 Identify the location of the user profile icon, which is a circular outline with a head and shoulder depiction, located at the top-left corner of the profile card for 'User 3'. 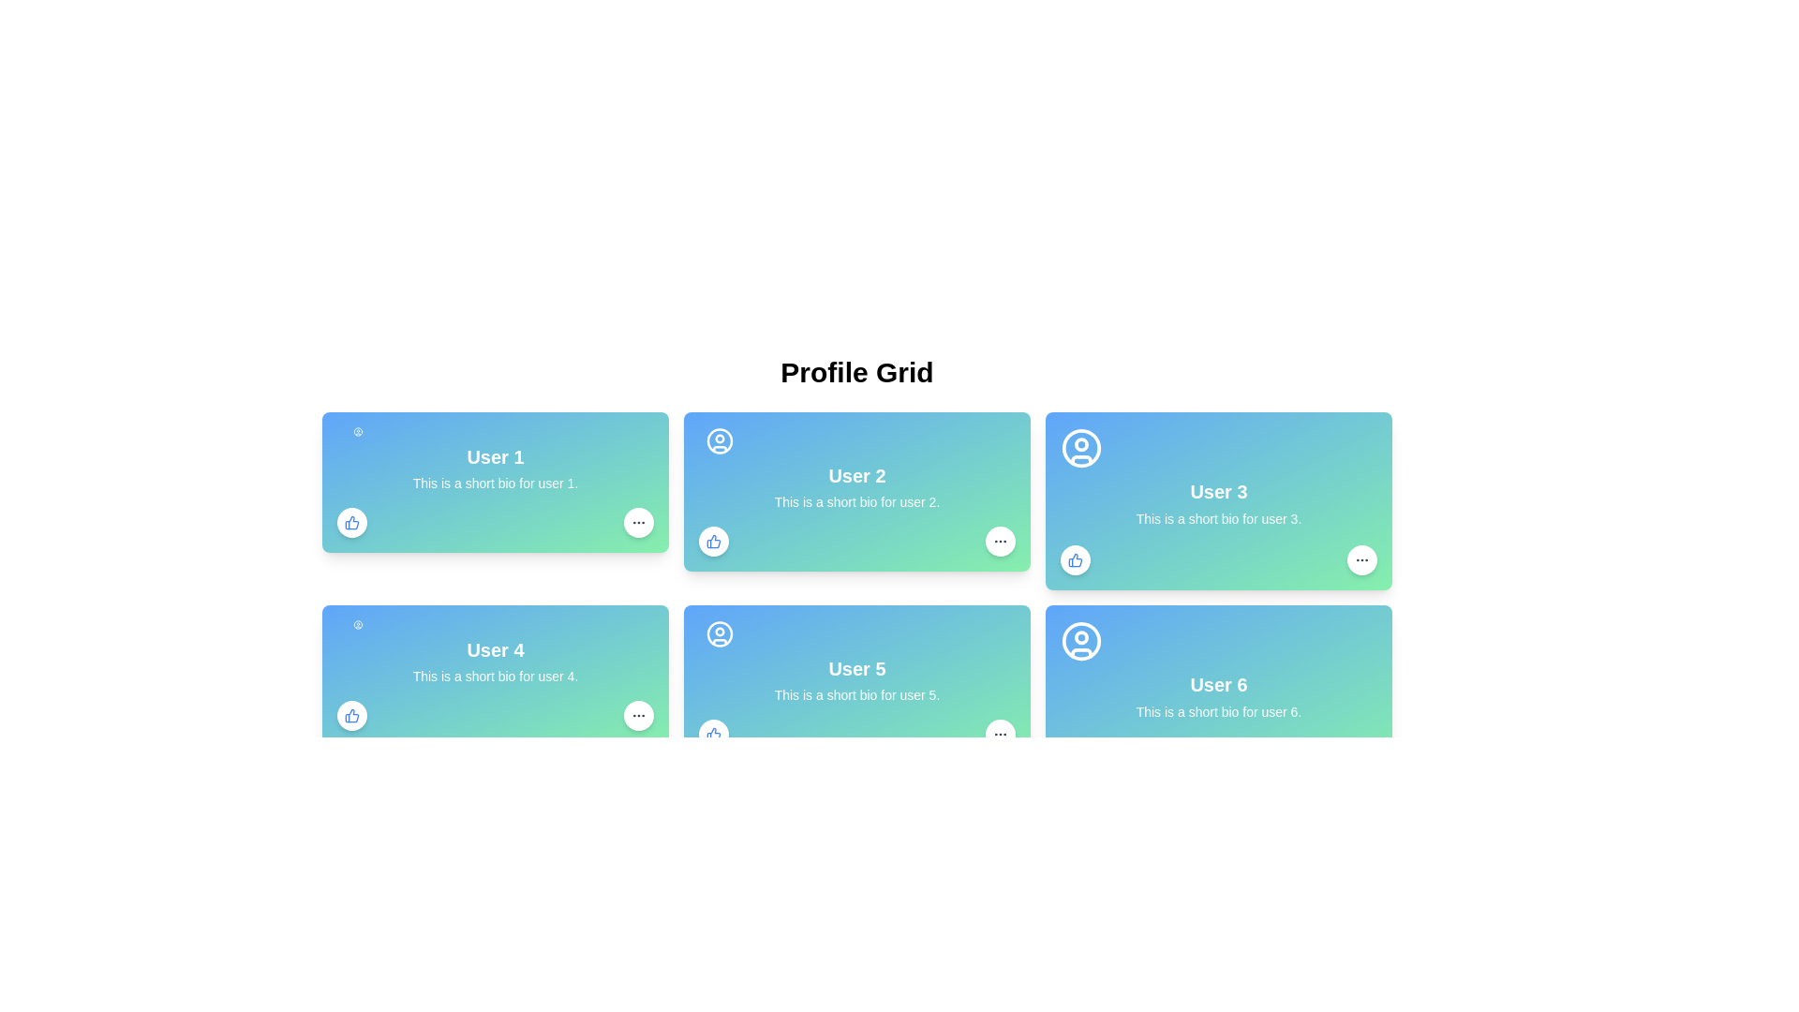
(1081, 448).